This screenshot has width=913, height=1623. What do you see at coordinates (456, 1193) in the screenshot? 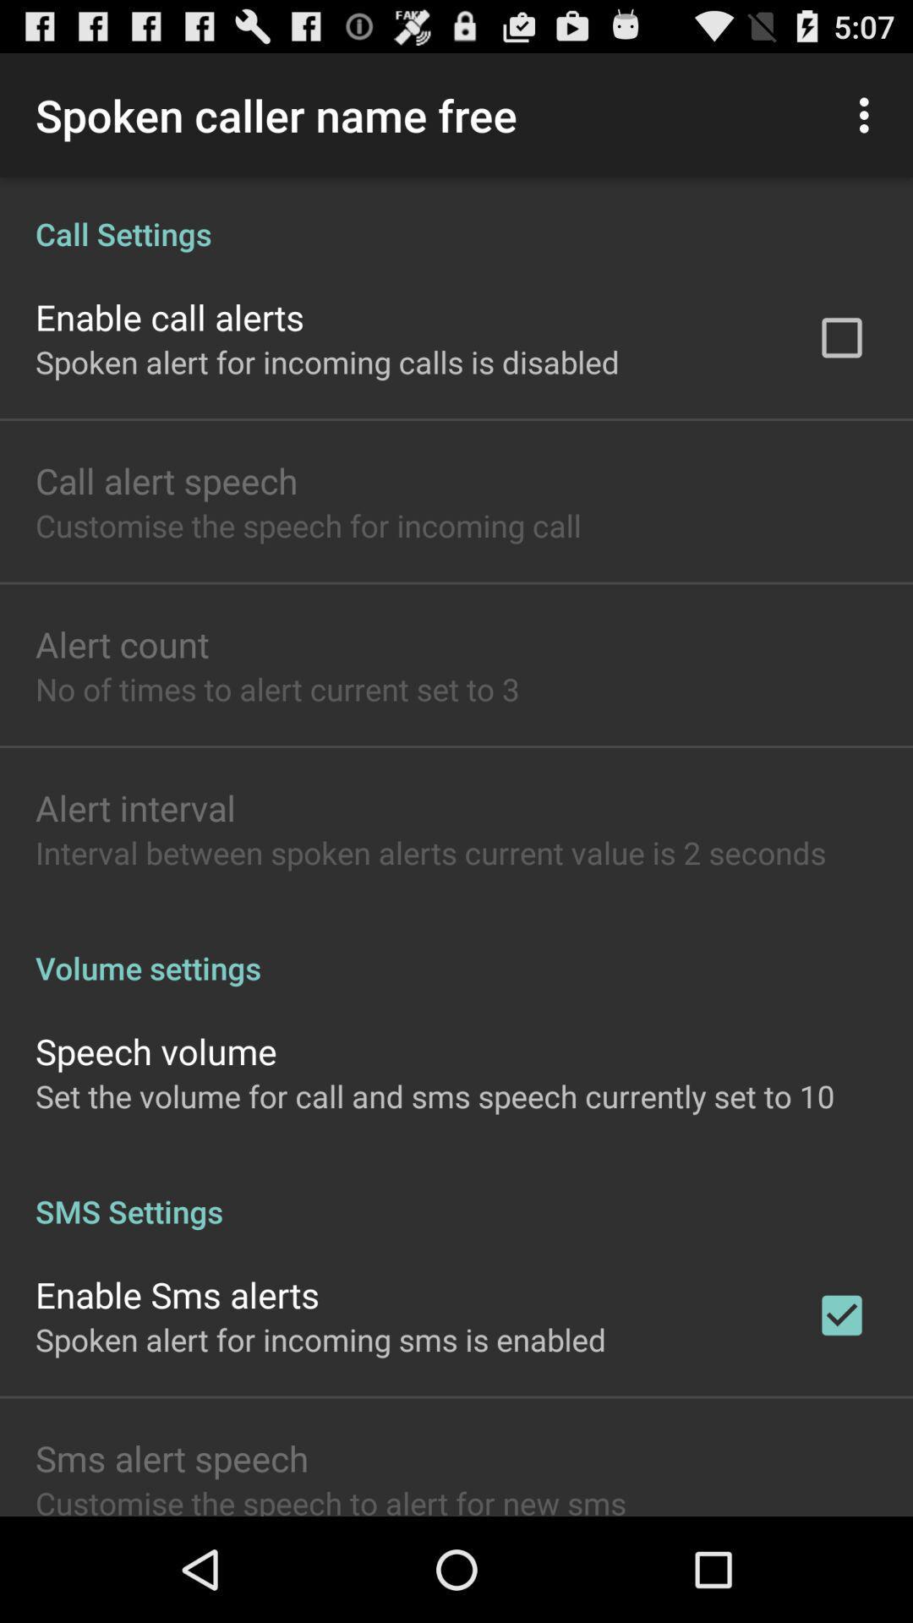
I see `the item below the set the volume item` at bounding box center [456, 1193].